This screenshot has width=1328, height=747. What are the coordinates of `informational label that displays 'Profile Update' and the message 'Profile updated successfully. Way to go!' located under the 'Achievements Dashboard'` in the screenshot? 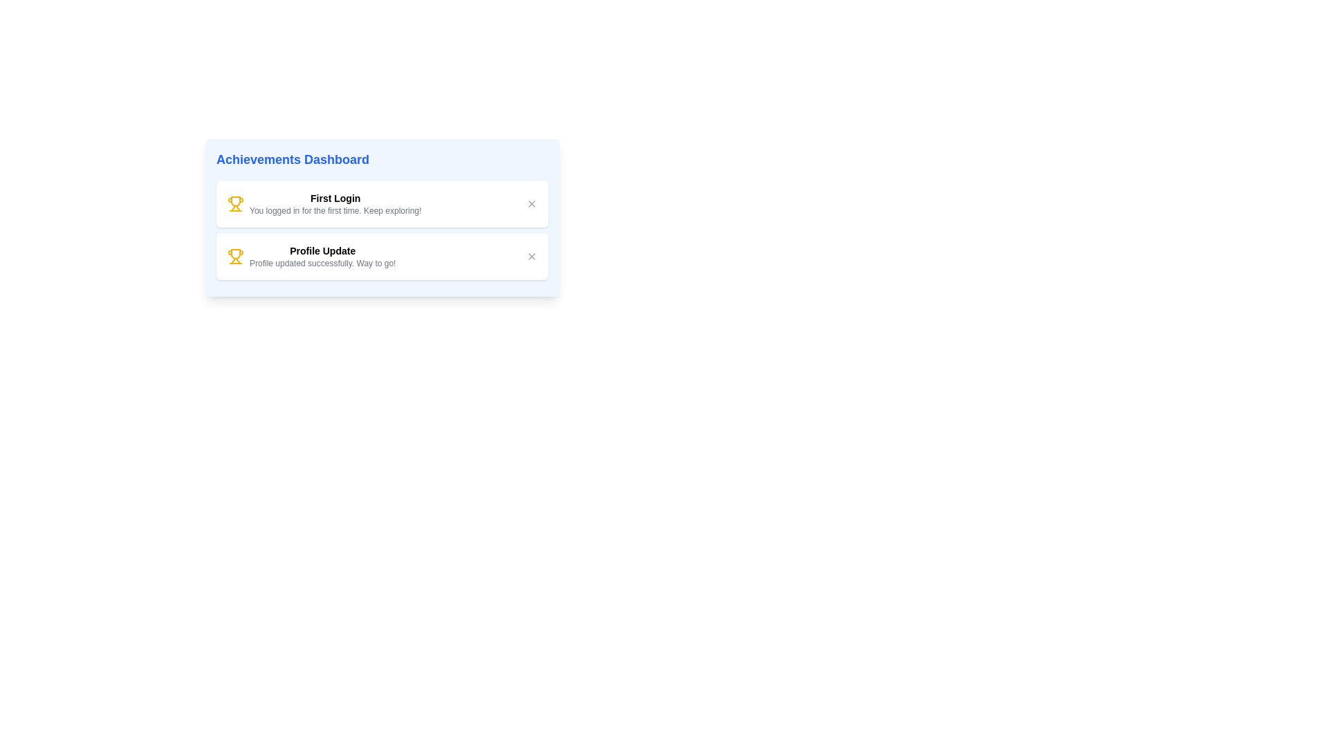 It's located at (322, 256).